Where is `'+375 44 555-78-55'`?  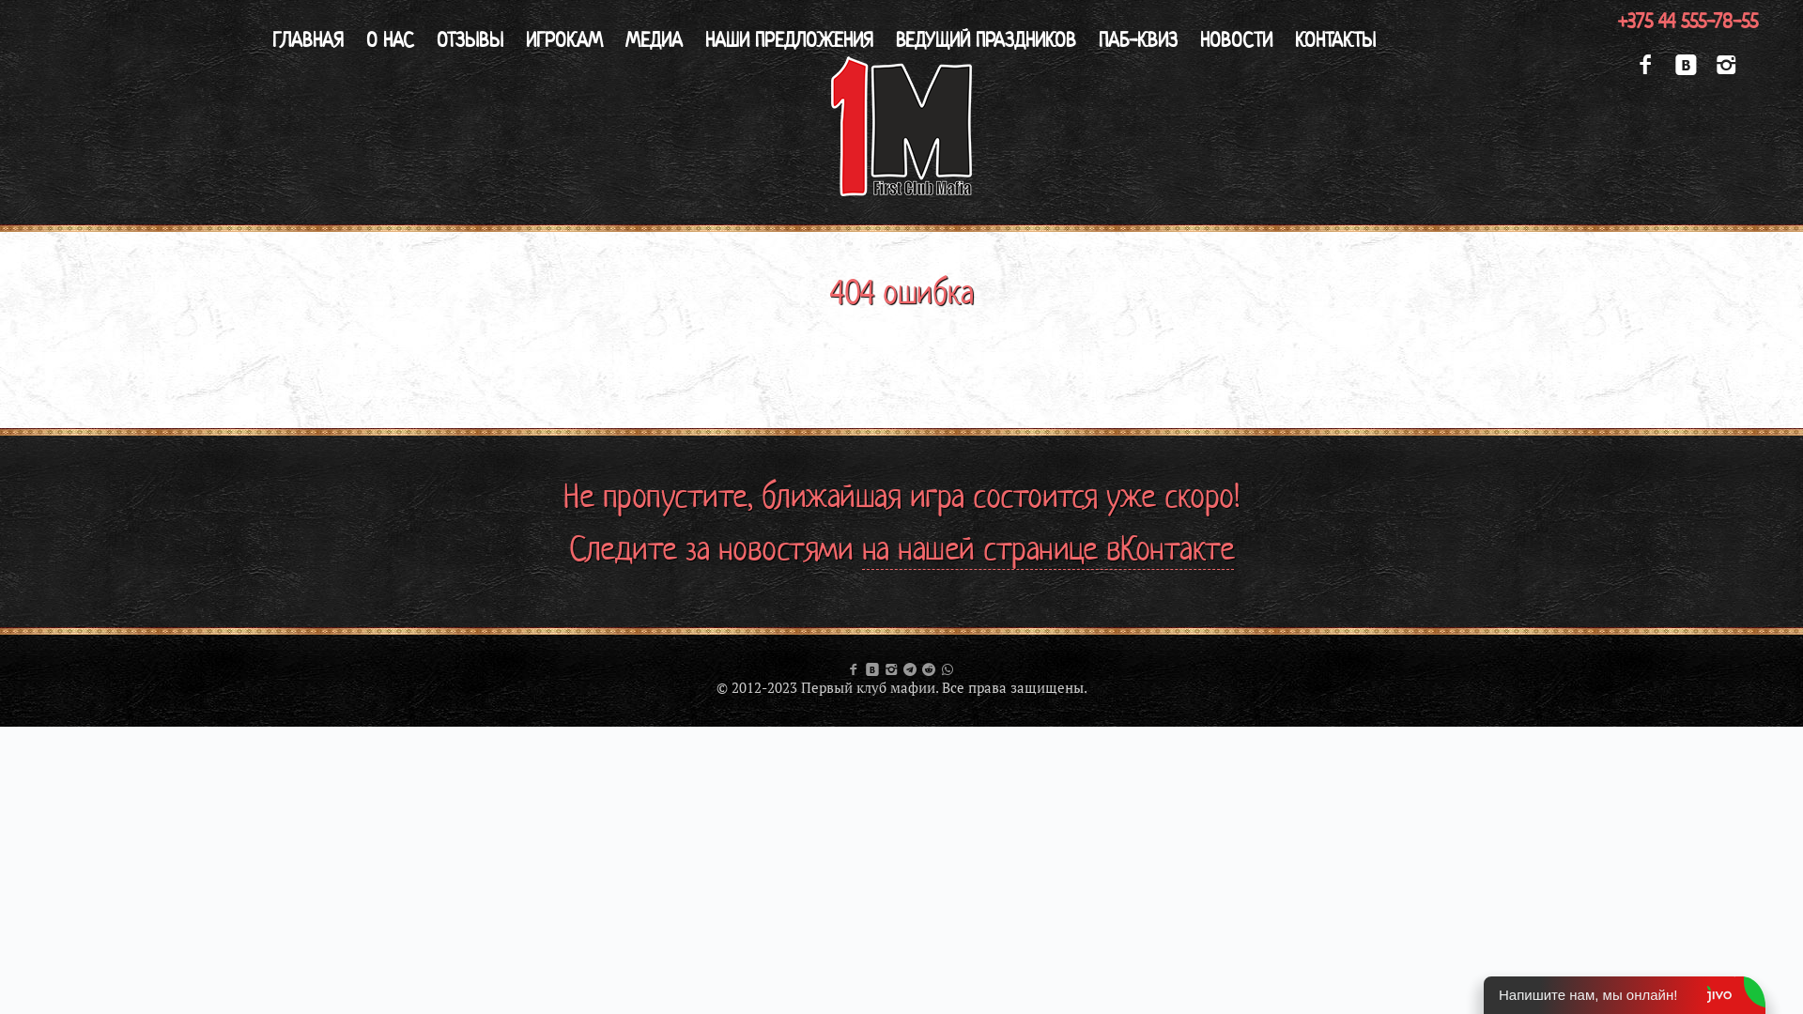
'+375 44 555-78-55' is located at coordinates (1617, 21).